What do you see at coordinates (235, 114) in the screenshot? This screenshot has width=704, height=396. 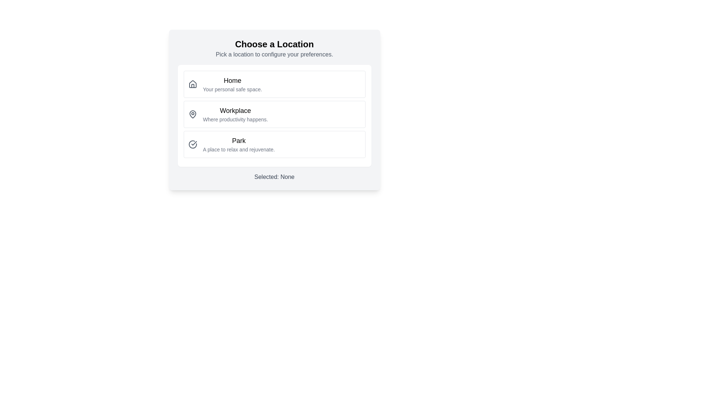 I see `the selectable option labeled 'Workplace' in the location choices list, which is centrally aligned and positioned between 'Home' and 'Park'` at bounding box center [235, 114].